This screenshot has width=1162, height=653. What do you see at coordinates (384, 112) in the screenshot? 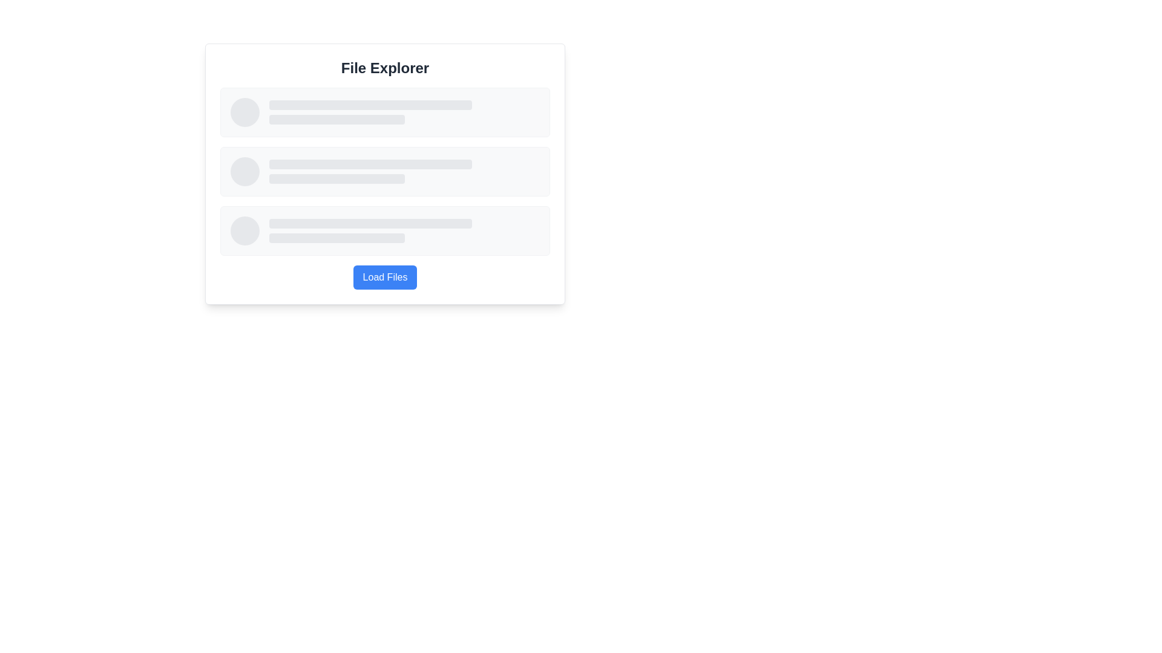
I see `the rectangular placeholder component of the first item in the vertically stacked list beneath the 'File Explorer' title section, which has a light gray background and rounded corners` at bounding box center [384, 112].